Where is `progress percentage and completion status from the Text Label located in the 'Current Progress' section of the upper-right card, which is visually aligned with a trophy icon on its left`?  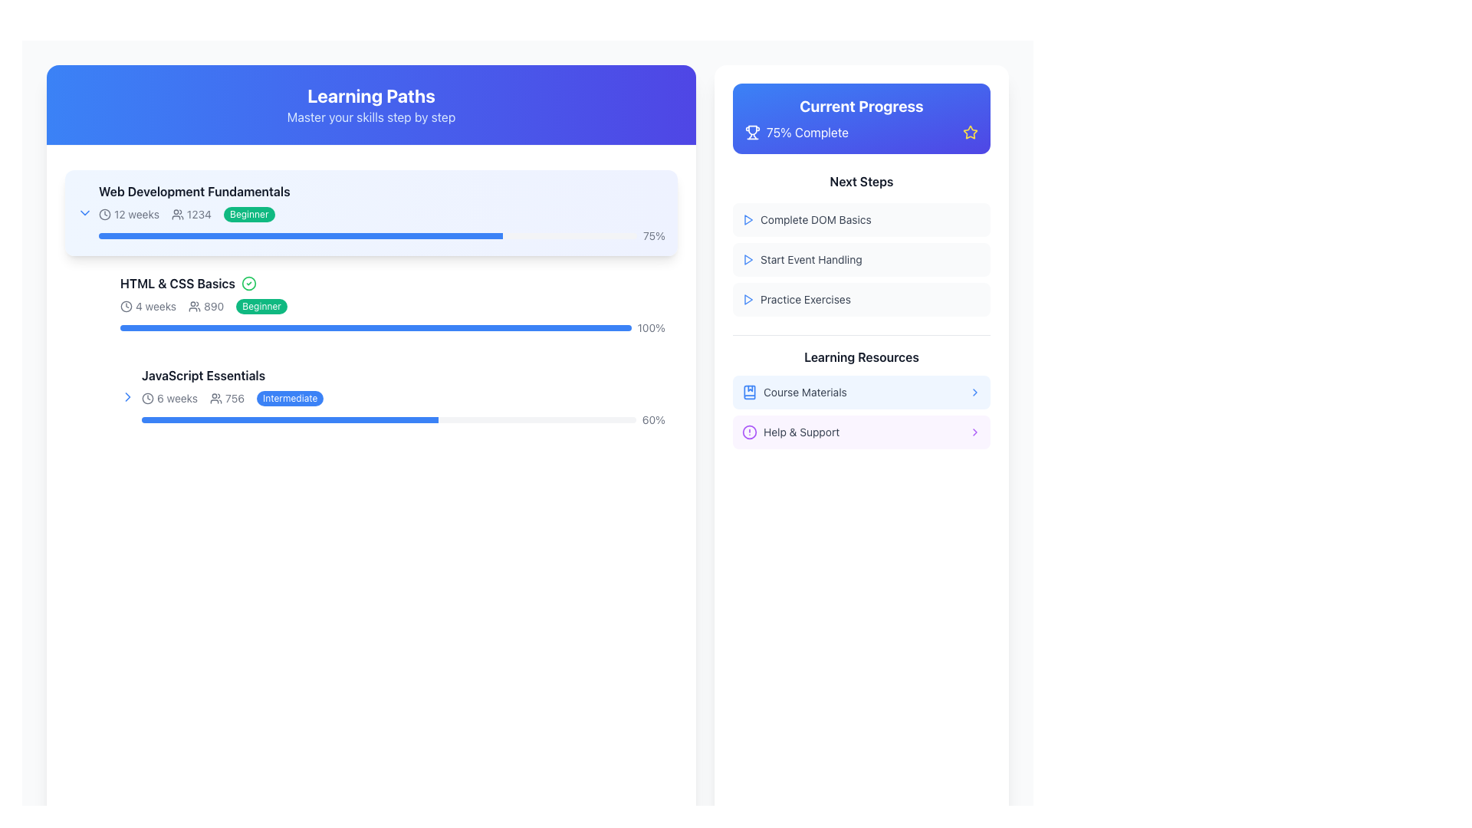
progress percentage and completion status from the Text Label located in the 'Current Progress' section of the upper-right card, which is visually aligned with a trophy icon on its left is located at coordinates (807, 132).